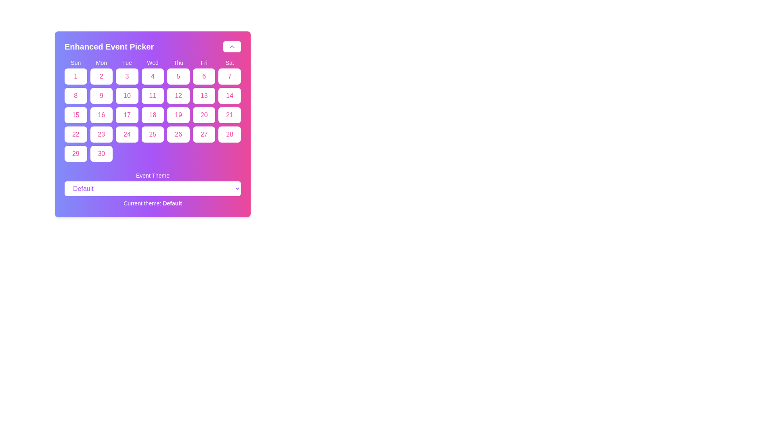  What do you see at coordinates (153, 110) in the screenshot?
I see `a date in the interactive calendar grid displayed in the 'Enhanced Event Picker'` at bounding box center [153, 110].